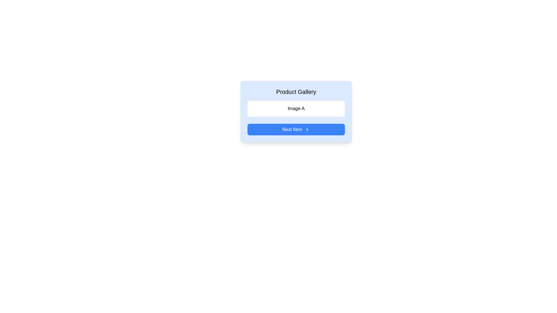  What do you see at coordinates (307, 129) in the screenshot?
I see `the small right-facing chevron icon adjacent to the 'Next Item' text on the blue button` at bounding box center [307, 129].